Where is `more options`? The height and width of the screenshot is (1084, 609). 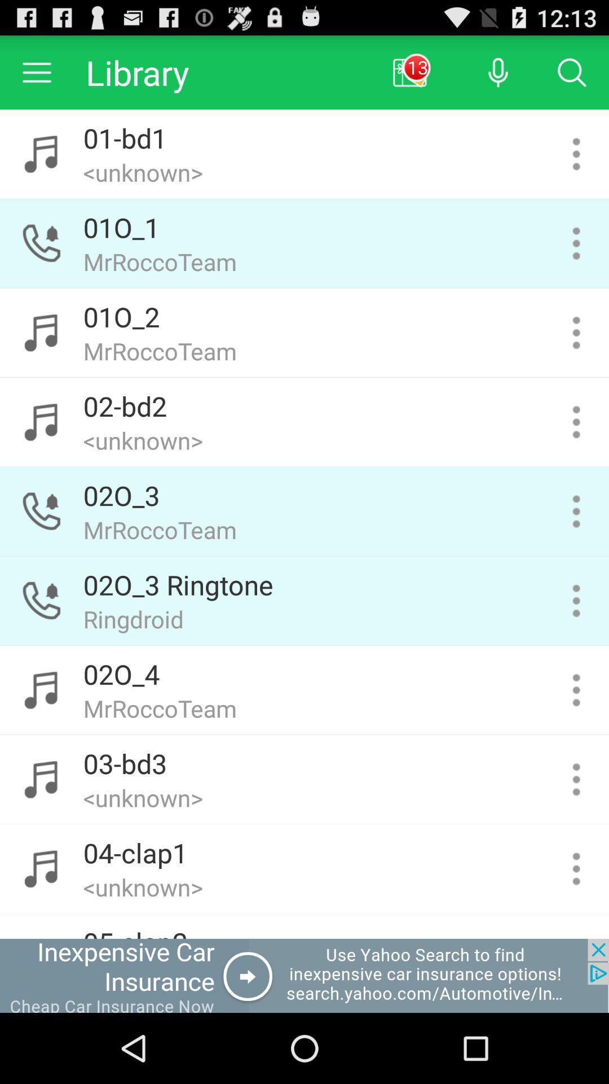 more options is located at coordinates (576, 154).